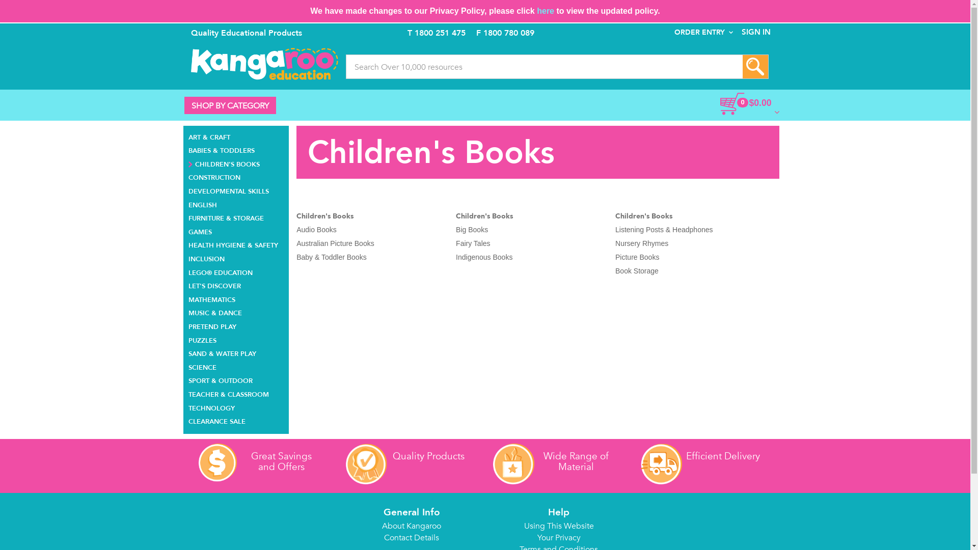 This screenshot has width=978, height=550. What do you see at coordinates (437, 33) in the screenshot?
I see `'T 1800 251 475'` at bounding box center [437, 33].